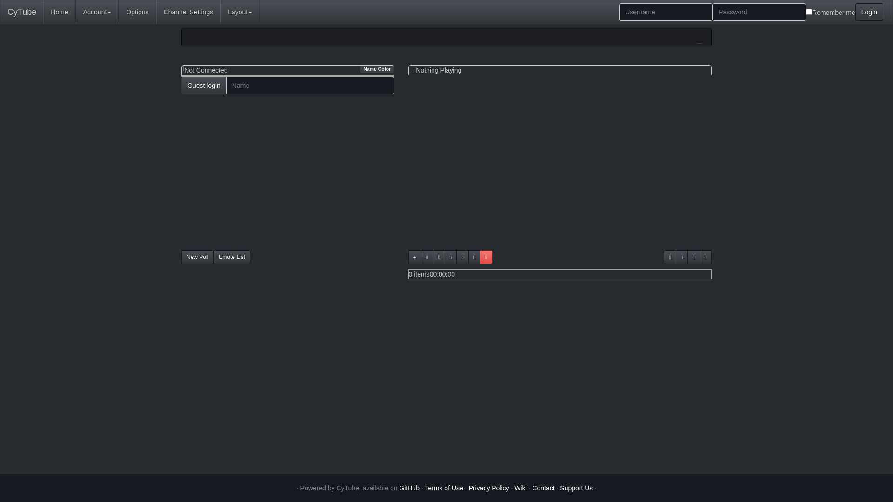 This screenshot has height=502, width=893. I want to click on 'Account', so click(97, 12).